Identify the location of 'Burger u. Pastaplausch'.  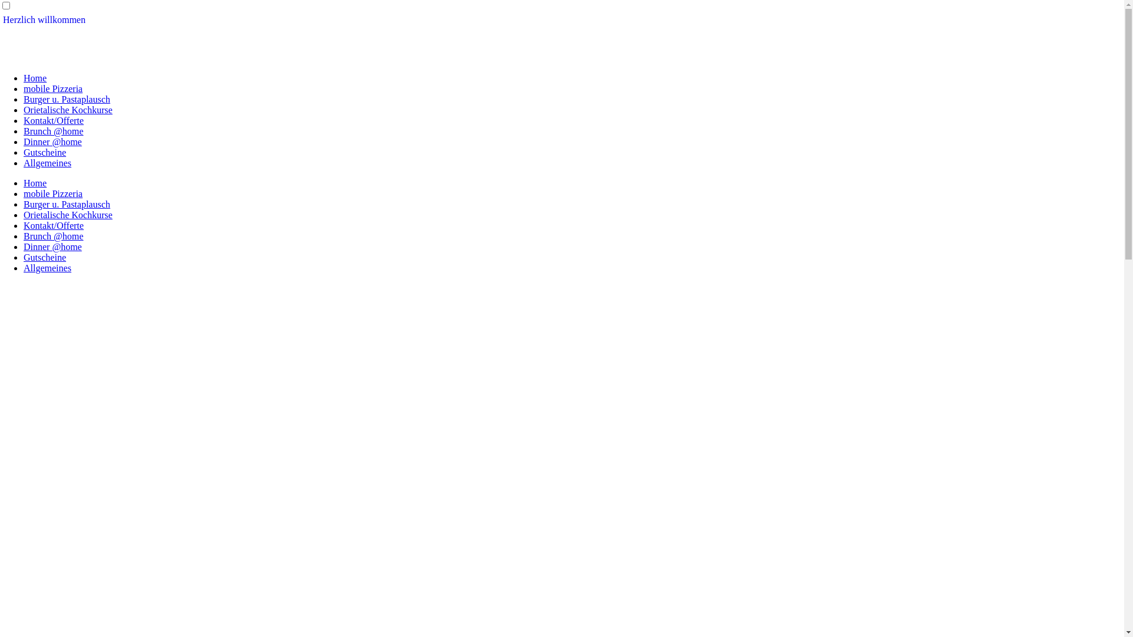
(66, 203).